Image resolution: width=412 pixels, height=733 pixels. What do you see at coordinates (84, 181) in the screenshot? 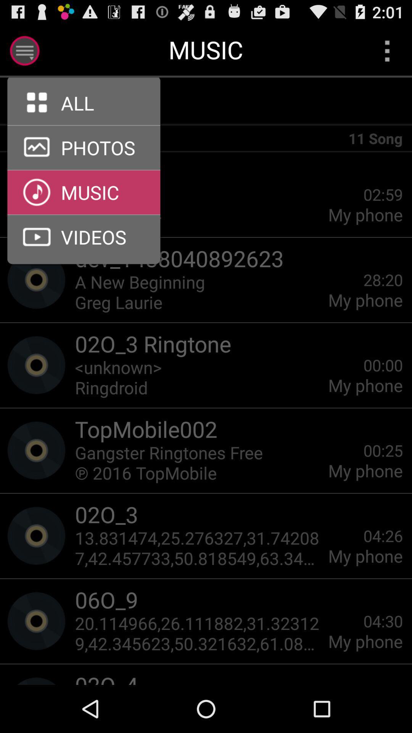
I see `the arrow_forward icon` at bounding box center [84, 181].